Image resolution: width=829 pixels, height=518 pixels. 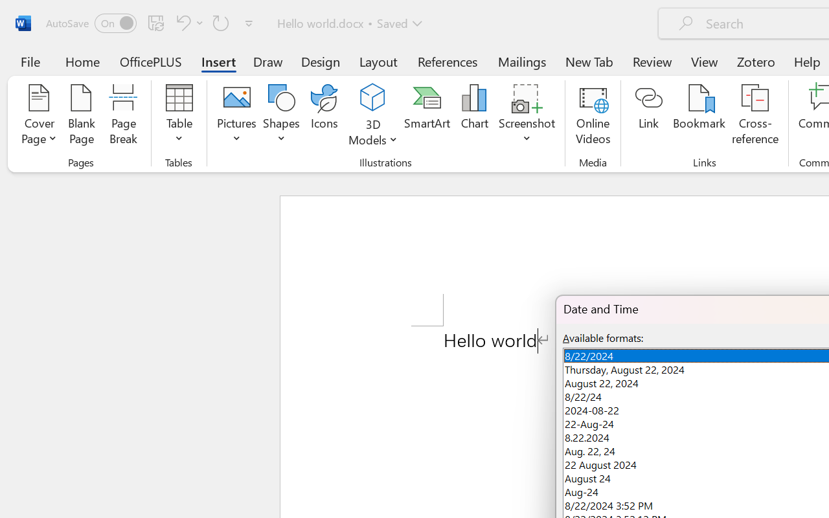 What do you see at coordinates (123, 116) in the screenshot?
I see `'Page Break'` at bounding box center [123, 116].